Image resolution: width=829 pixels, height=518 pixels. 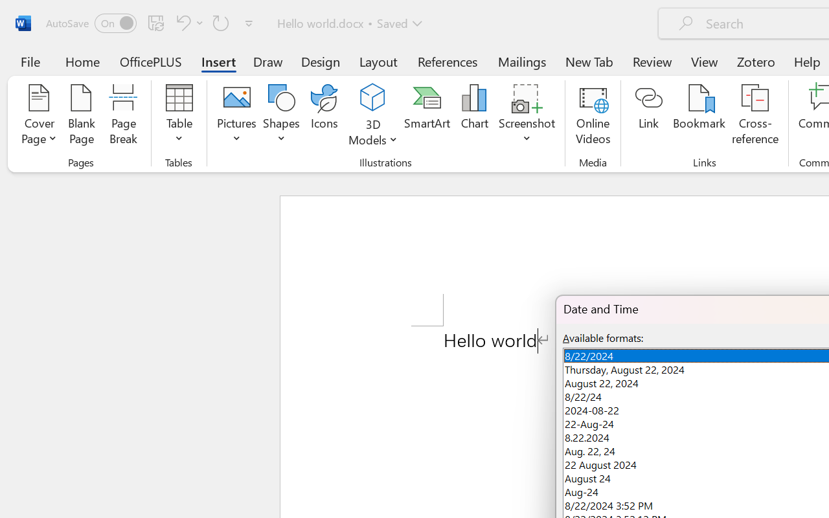 What do you see at coordinates (123, 116) in the screenshot?
I see `'Page Break'` at bounding box center [123, 116].